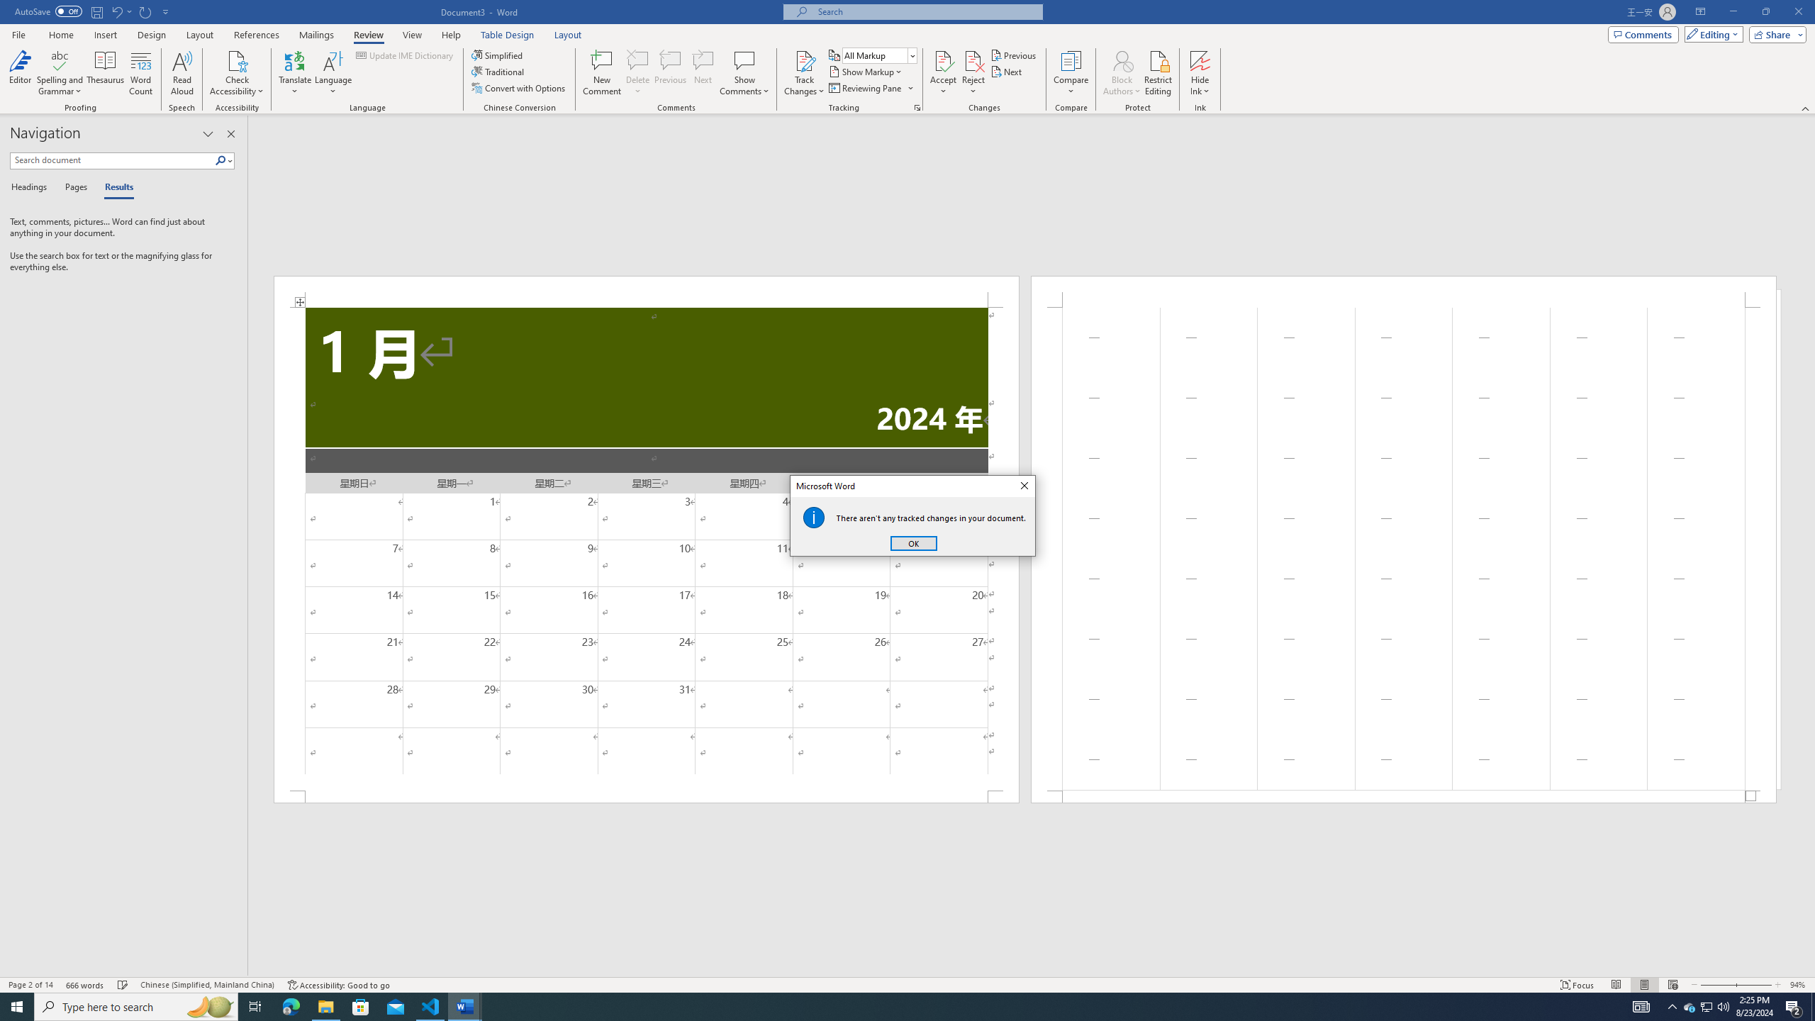  Describe the element at coordinates (917, 106) in the screenshot. I see `'Change Tracking Options...'` at that location.